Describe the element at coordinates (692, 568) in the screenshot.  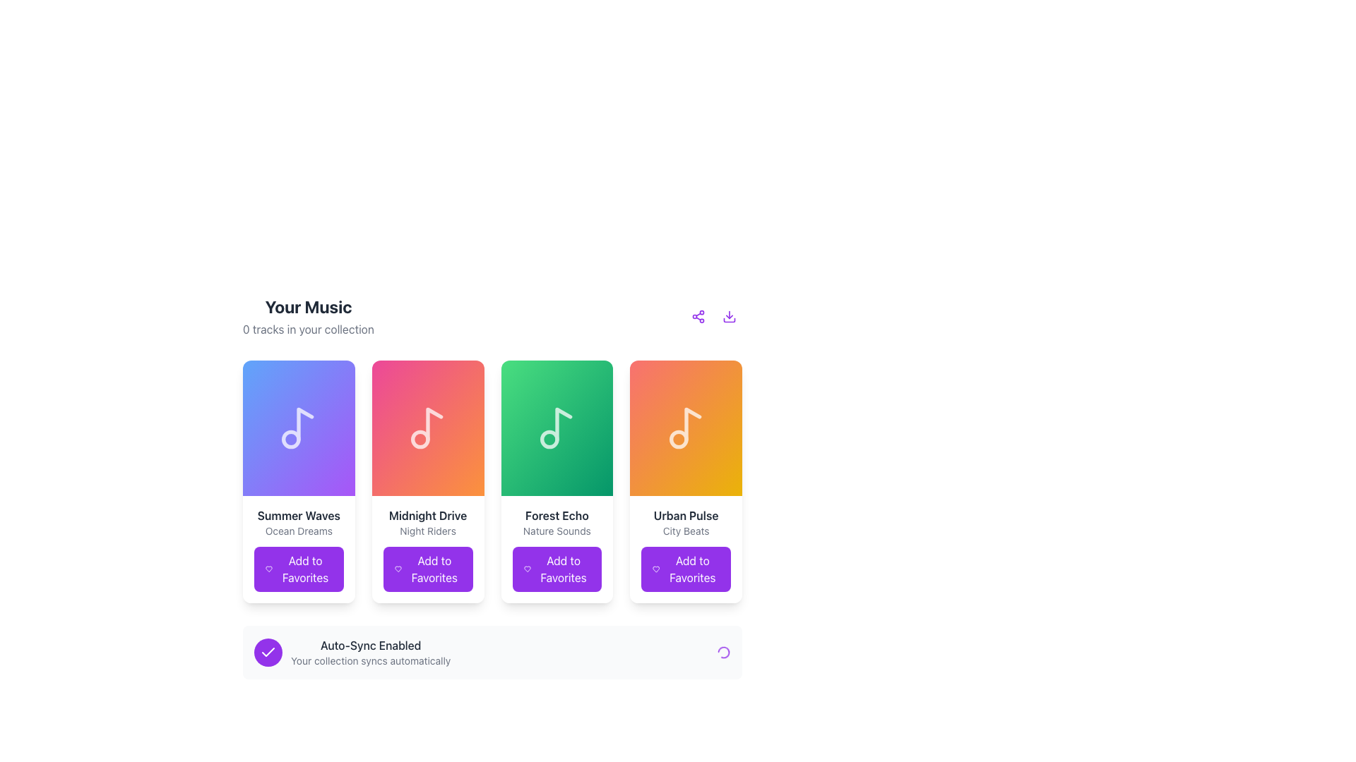
I see `the 'Add to Favorites' button, which is styled with white font on a purple background and located at the bottom center of the 'Urban Pulse' content card` at that location.